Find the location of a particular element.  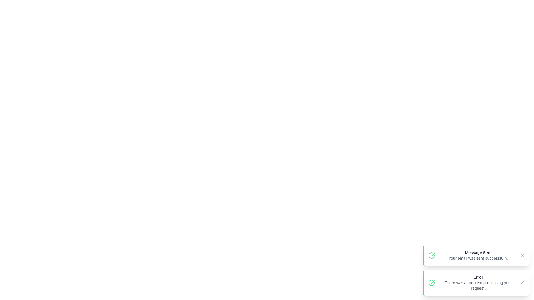

the Decorative Graphic (Icon) representing a successful action, located in the top right corner of the notification message is located at coordinates (432, 255).